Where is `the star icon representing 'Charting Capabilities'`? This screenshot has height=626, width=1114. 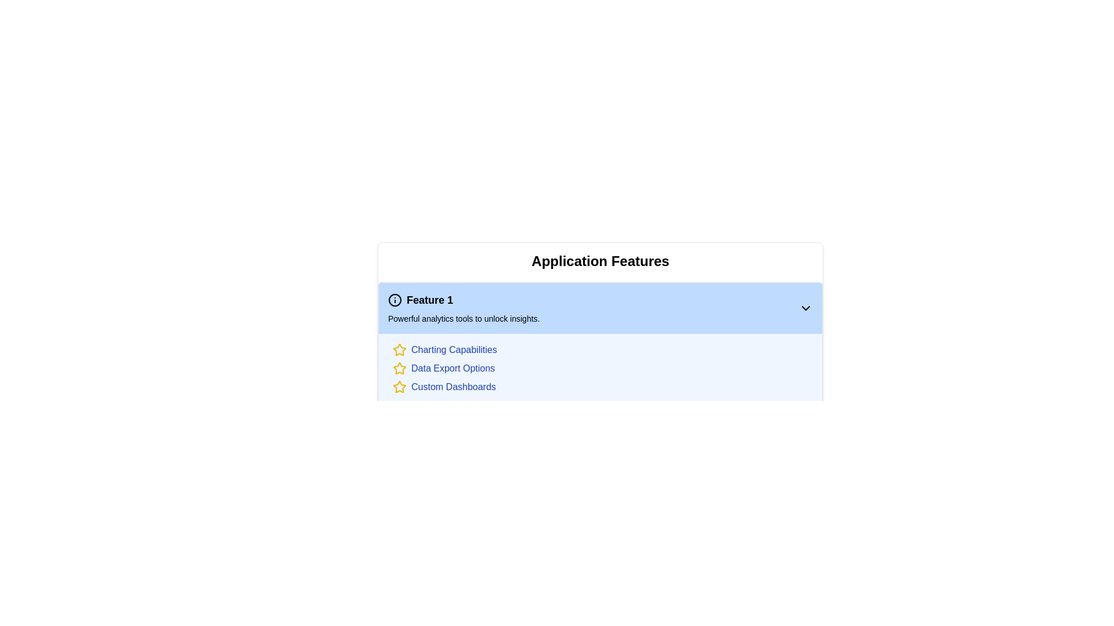
the star icon representing 'Charting Capabilities' is located at coordinates (400, 350).